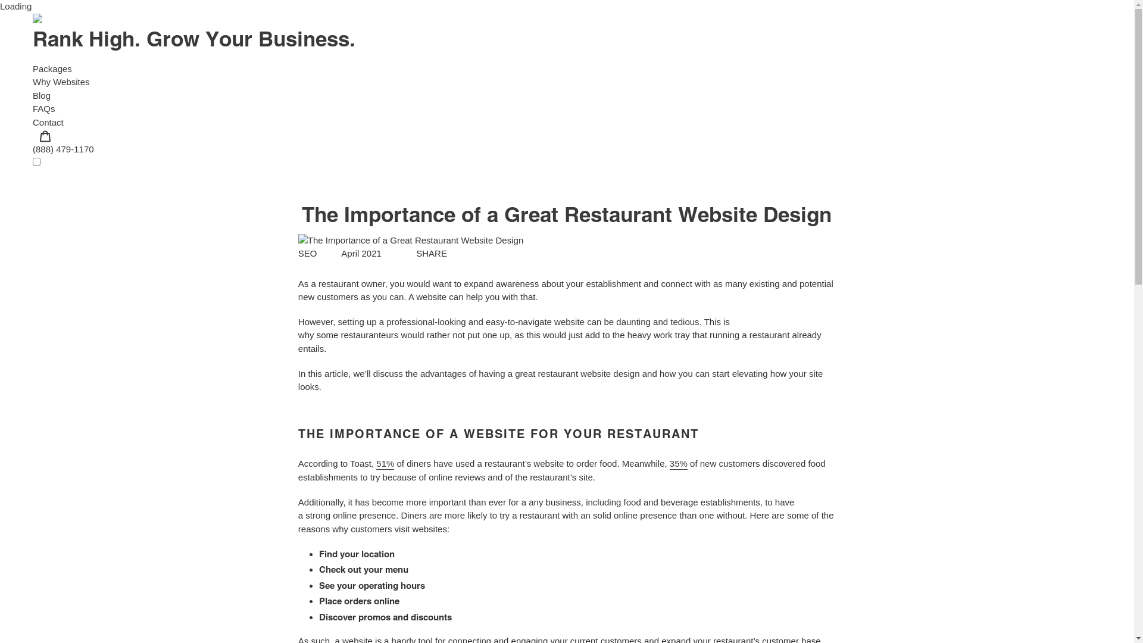 The image size is (1143, 643). Describe the element at coordinates (60, 81) in the screenshot. I see `'Why Websites'` at that location.